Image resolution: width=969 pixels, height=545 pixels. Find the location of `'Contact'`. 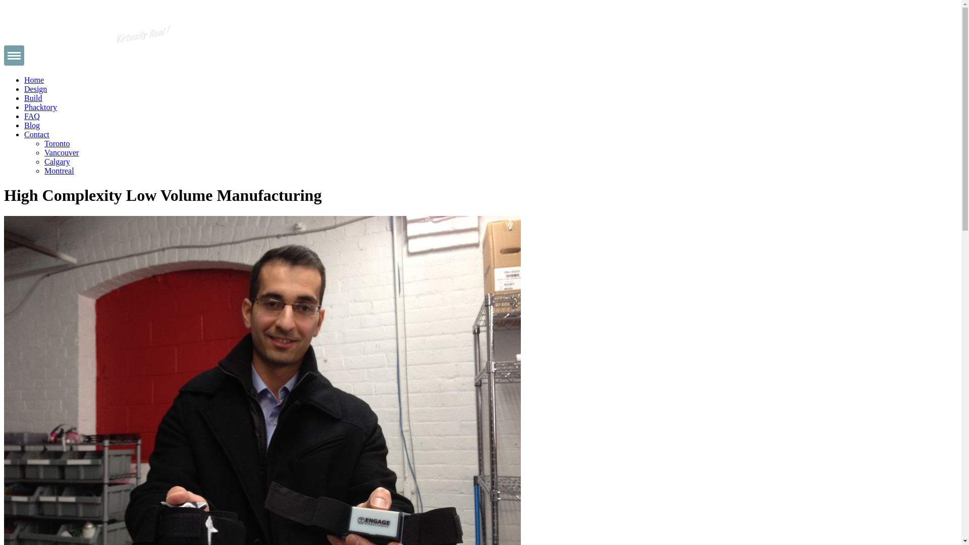

'Contact' is located at coordinates (36, 134).